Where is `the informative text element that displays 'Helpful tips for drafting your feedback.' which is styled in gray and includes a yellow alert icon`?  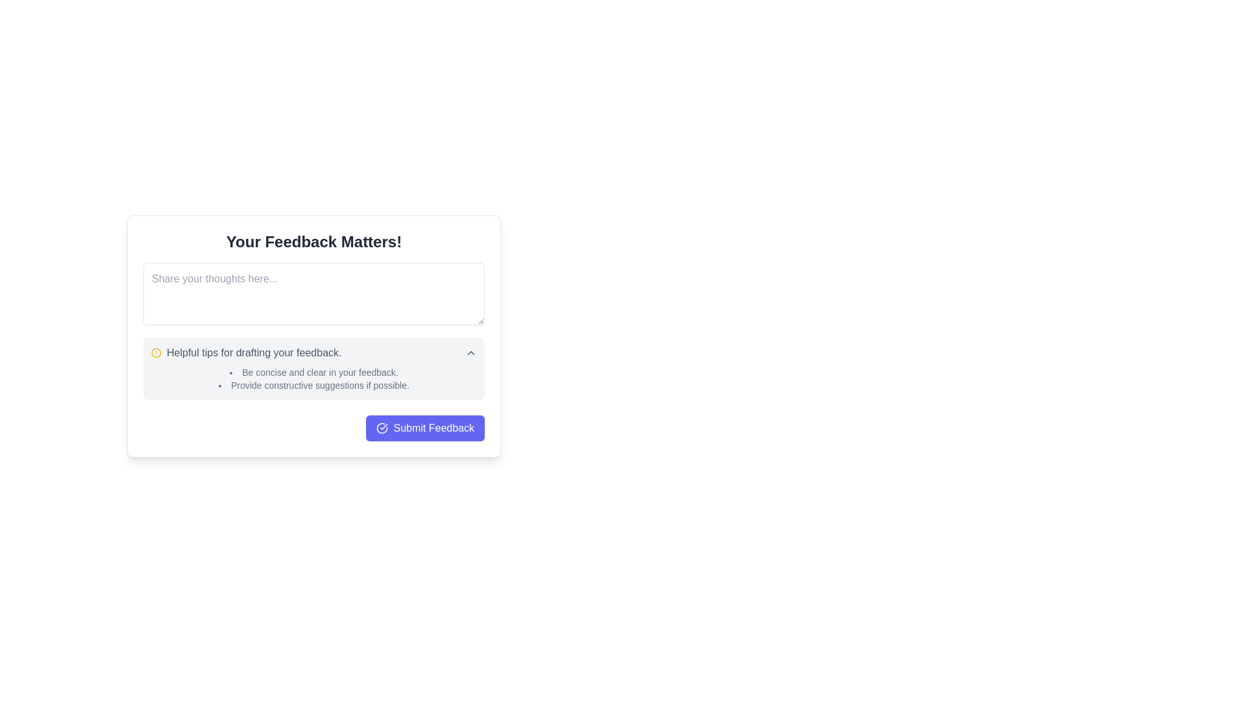 the informative text element that displays 'Helpful tips for drafting your feedback.' which is styled in gray and includes a yellow alert icon is located at coordinates (246, 352).